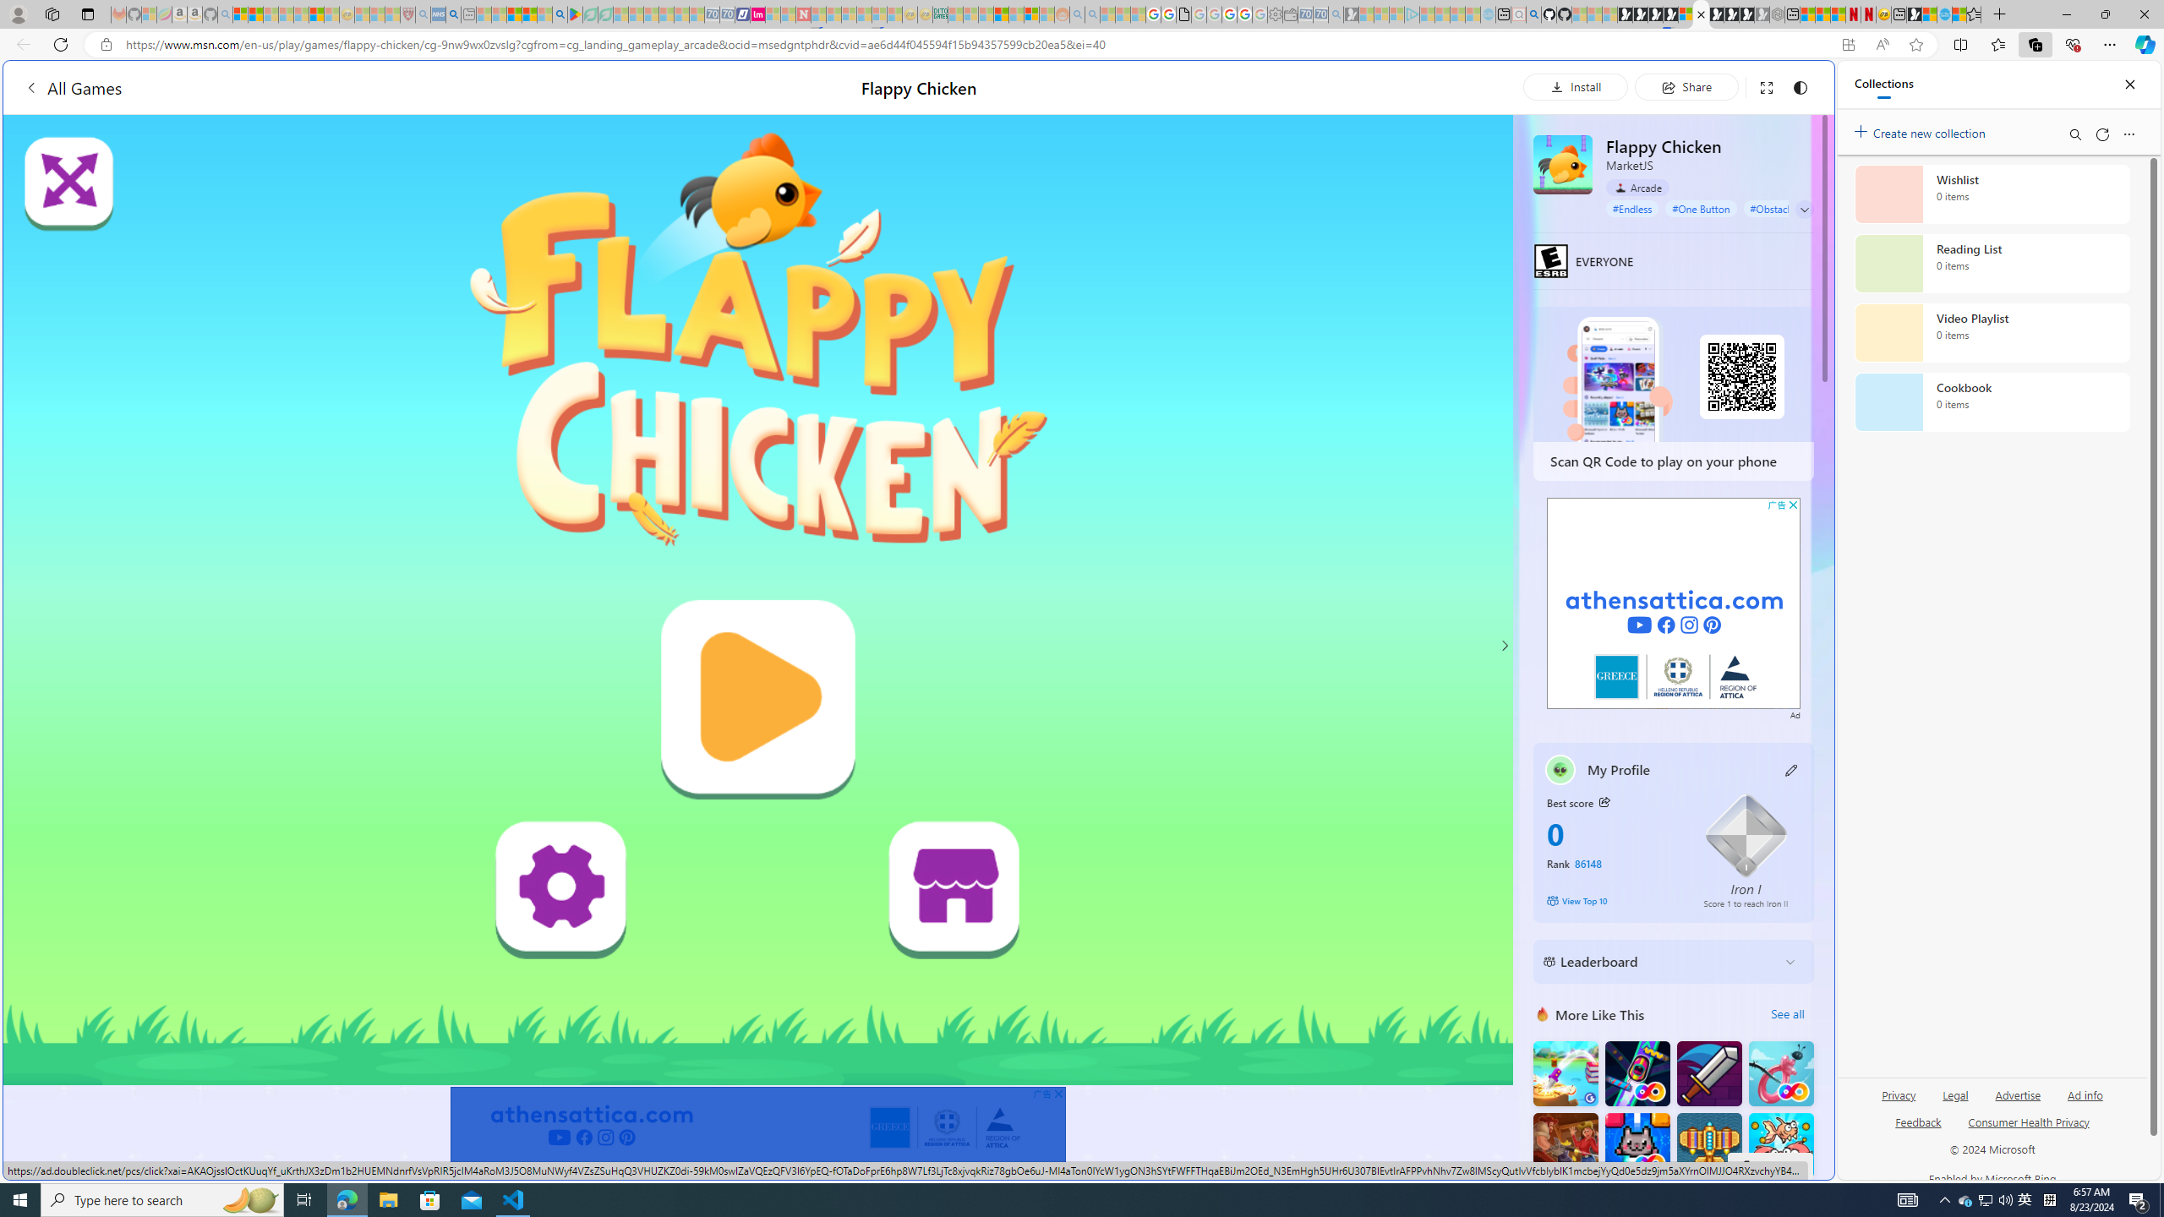  I want to click on 'Arcade', so click(1637, 188).